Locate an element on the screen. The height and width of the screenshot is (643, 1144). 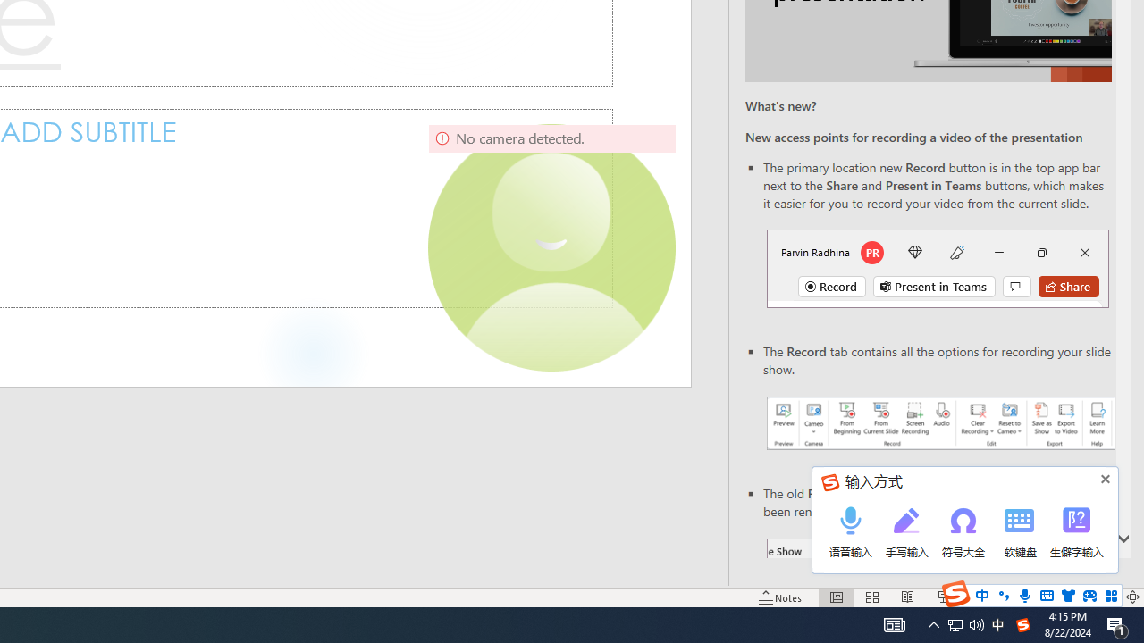
'Record your presentations screenshot one' is located at coordinates (939, 423).